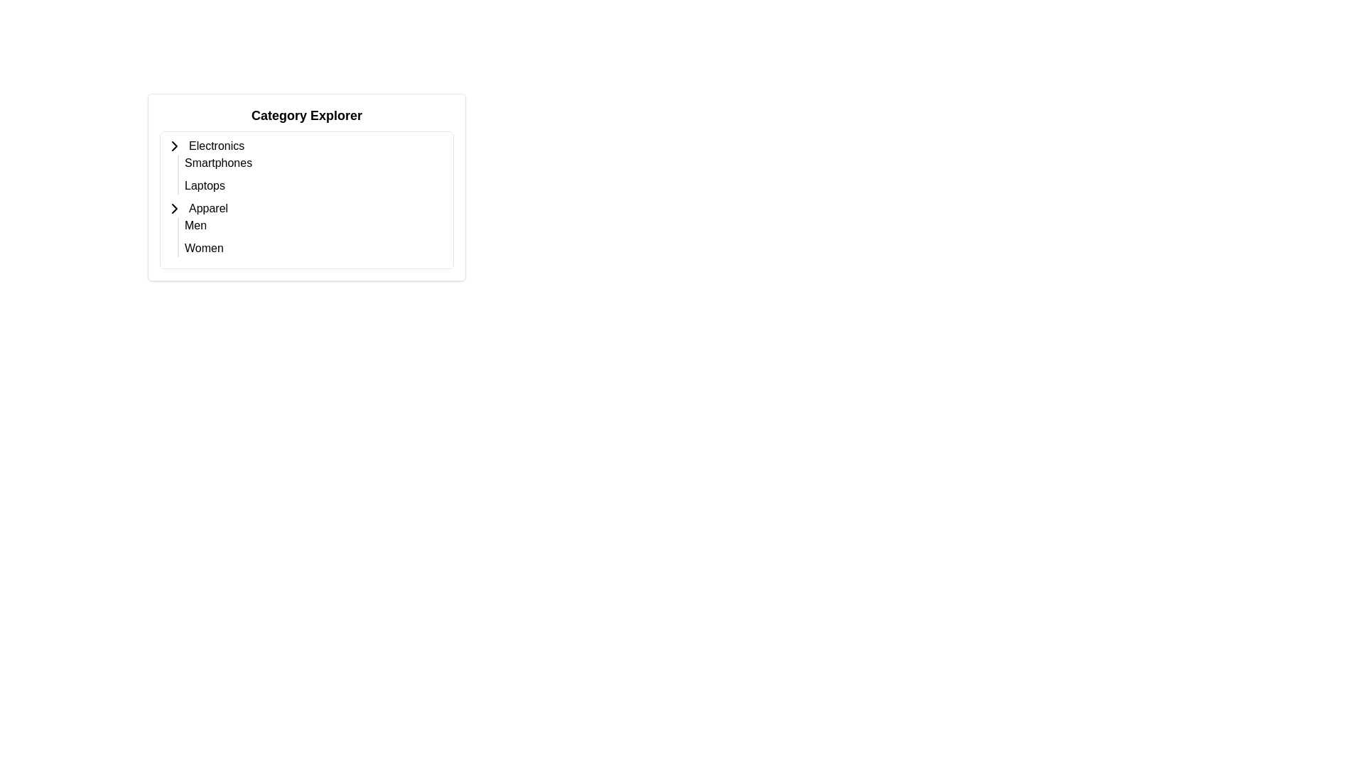 The image size is (1364, 767). Describe the element at coordinates (315, 174) in the screenshot. I see `the first item in the vertical list, 'Smartphones'` at that location.